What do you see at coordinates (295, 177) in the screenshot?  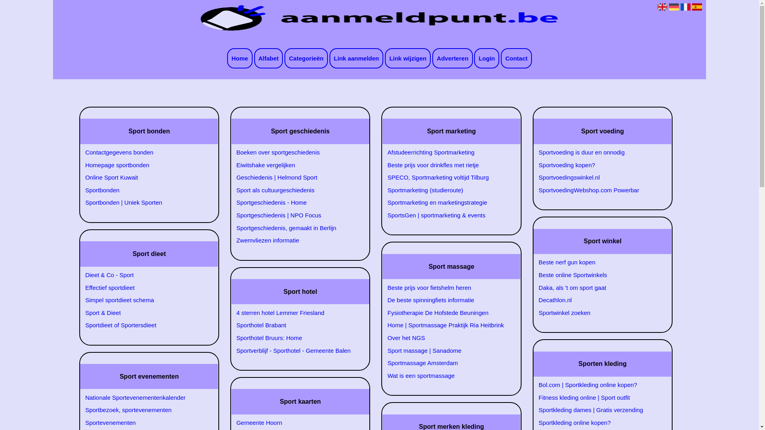 I see `'Geschiedenis | Helmond Sport'` at bounding box center [295, 177].